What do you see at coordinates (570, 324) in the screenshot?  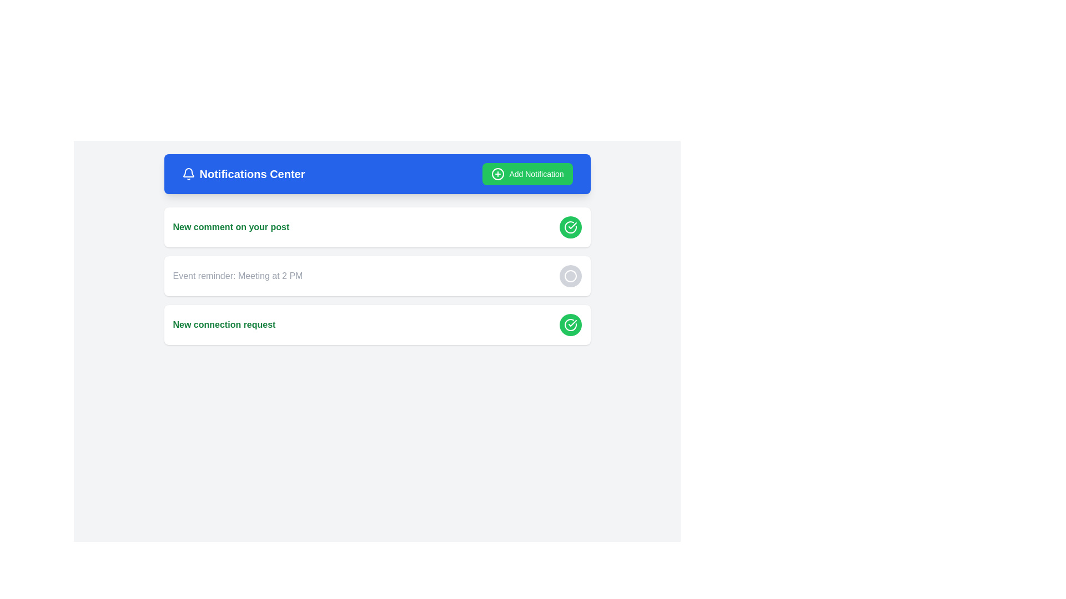 I see `the confirmation button located at the bottom right corner of the notification panel for the 'New connection request'` at bounding box center [570, 324].